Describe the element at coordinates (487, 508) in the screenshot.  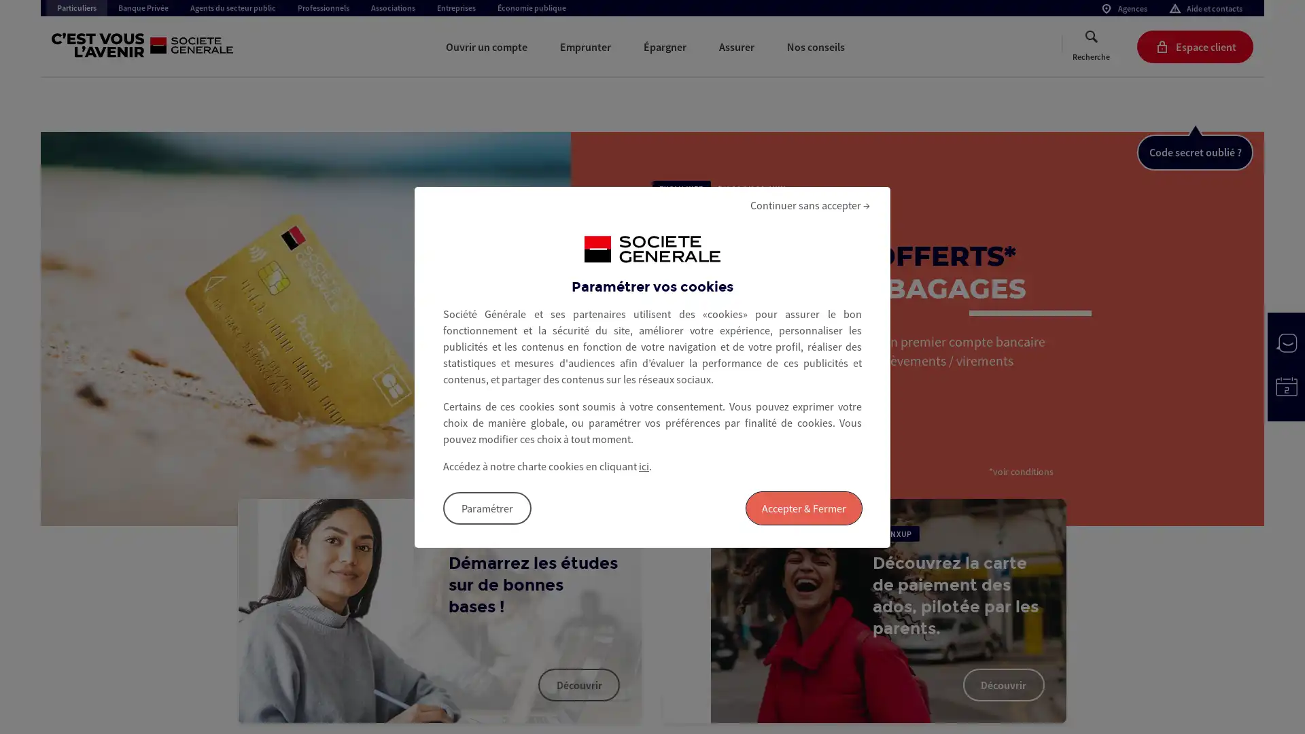
I see `Parametrer` at that location.